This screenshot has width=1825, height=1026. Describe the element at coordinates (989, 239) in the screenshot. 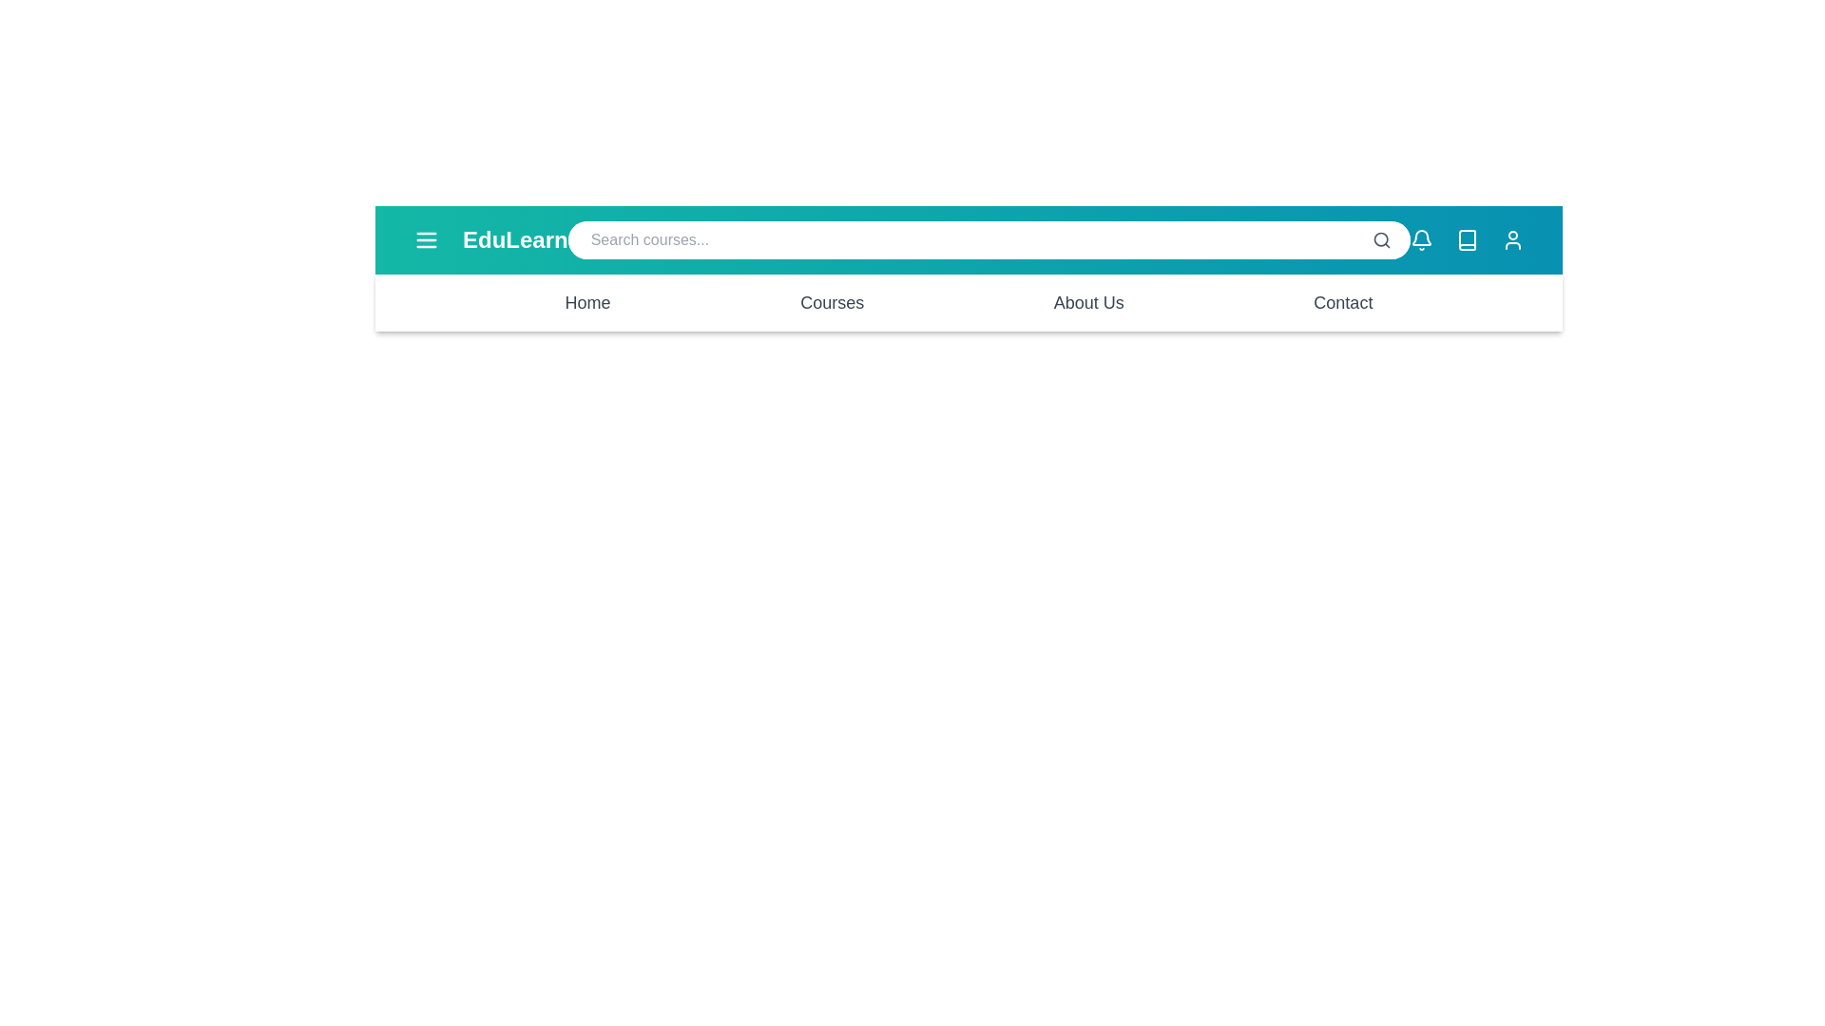

I see `the search input field to focus it` at that location.